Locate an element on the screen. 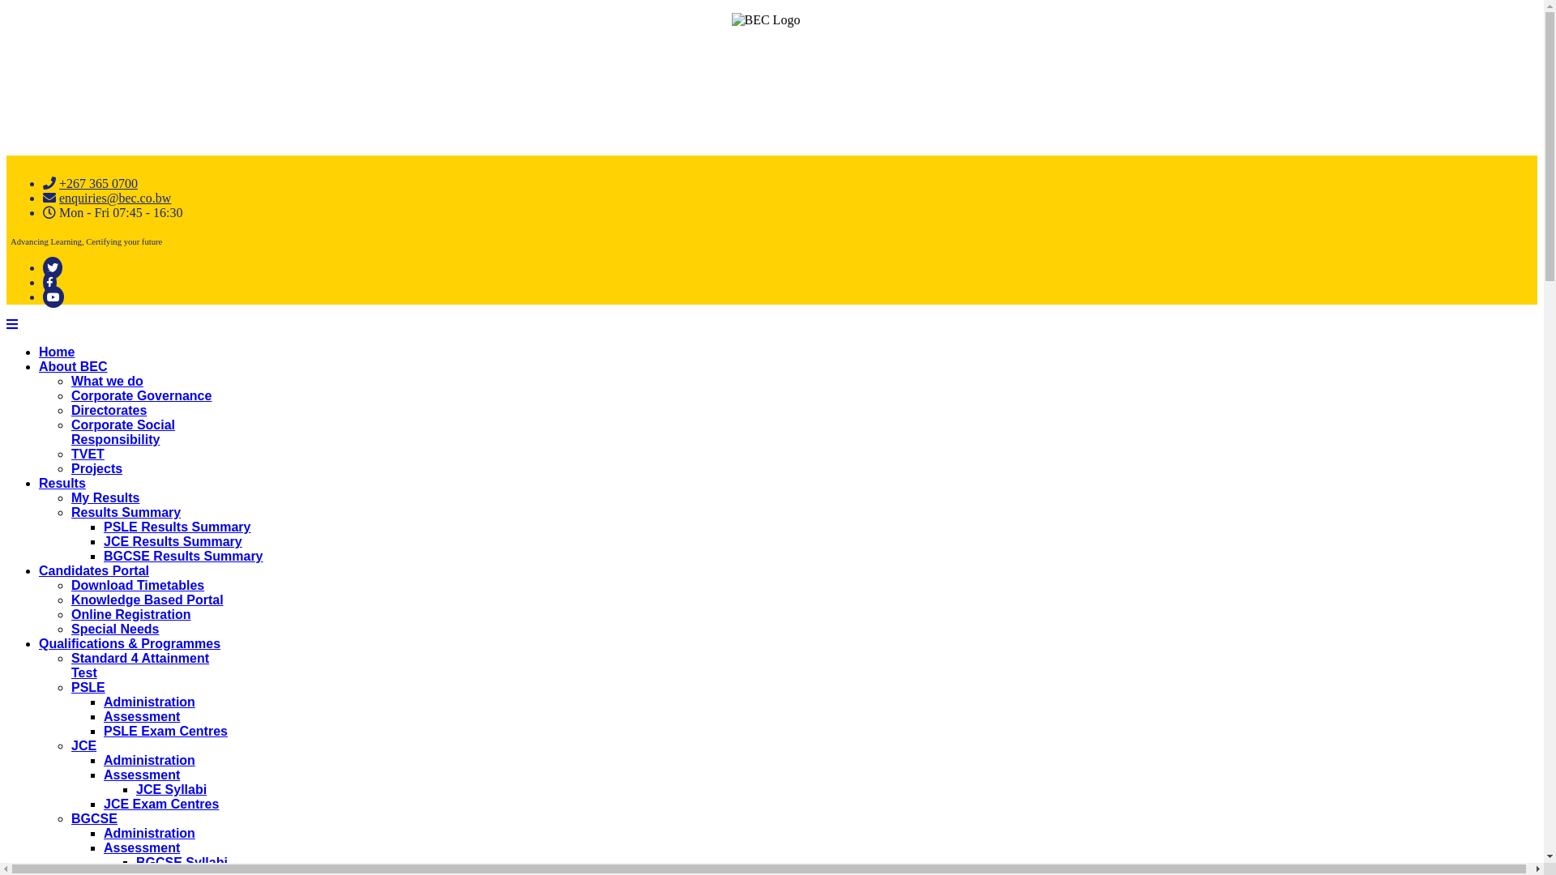  'Assessment' is located at coordinates (103, 847).